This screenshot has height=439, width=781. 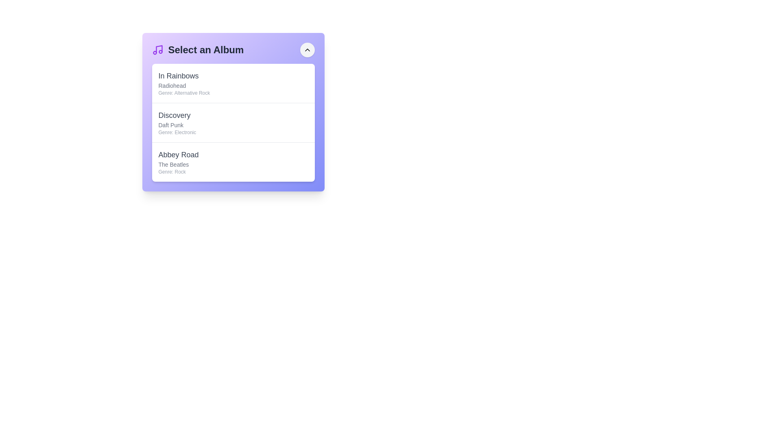 I want to click on the text label displaying the artist name for the album 'In Rainbows', which is positioned below the album title and above the genre information, so click(x=183, y=86).